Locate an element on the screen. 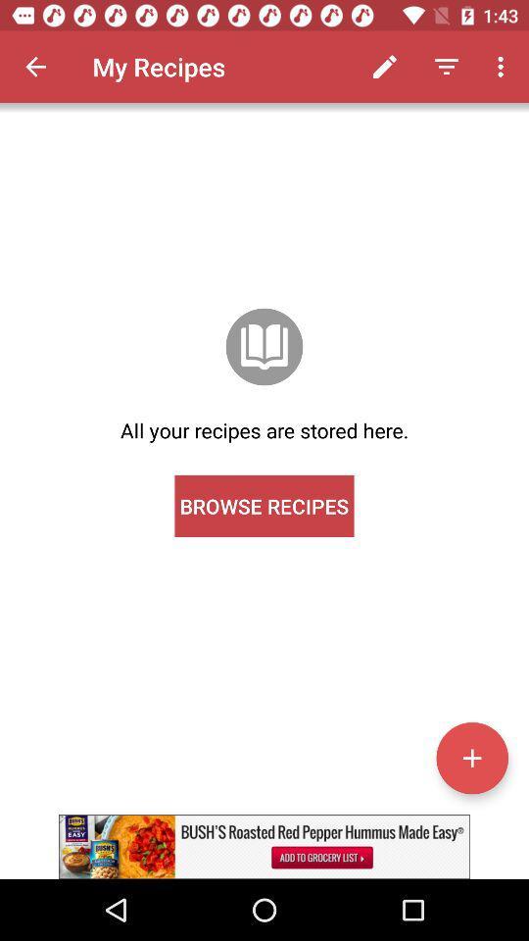  advertising advertisement is located at coordinates (264, 846).